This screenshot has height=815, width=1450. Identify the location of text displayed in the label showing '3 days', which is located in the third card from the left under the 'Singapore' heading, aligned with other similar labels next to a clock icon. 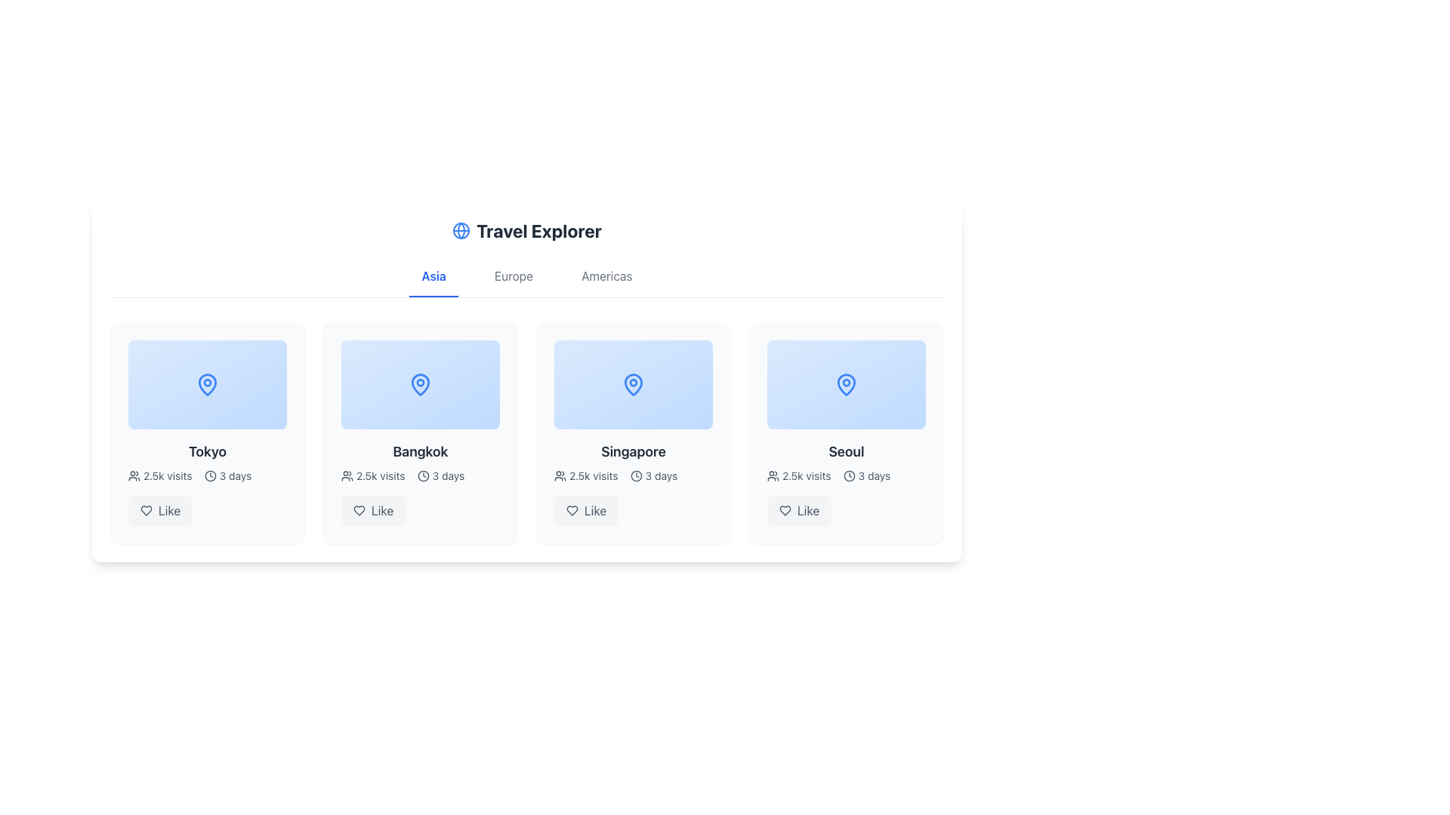
(661, 476).